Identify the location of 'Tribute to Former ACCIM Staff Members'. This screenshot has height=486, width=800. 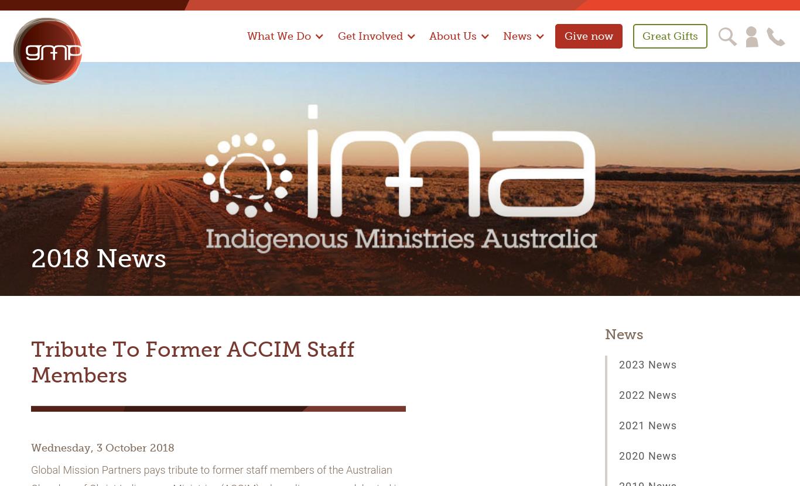
(31, 361).